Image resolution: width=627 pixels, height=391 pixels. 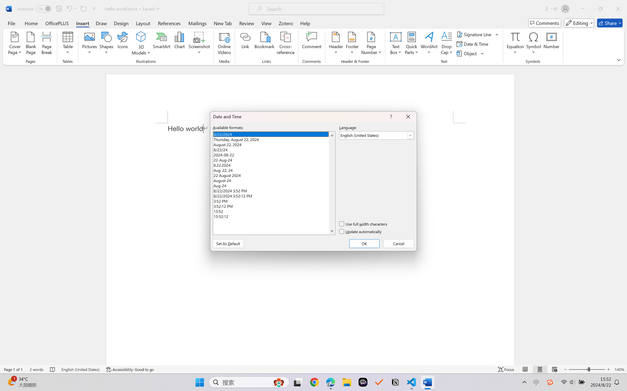 I want to click on 'Language:', so click(x=376, y=135).